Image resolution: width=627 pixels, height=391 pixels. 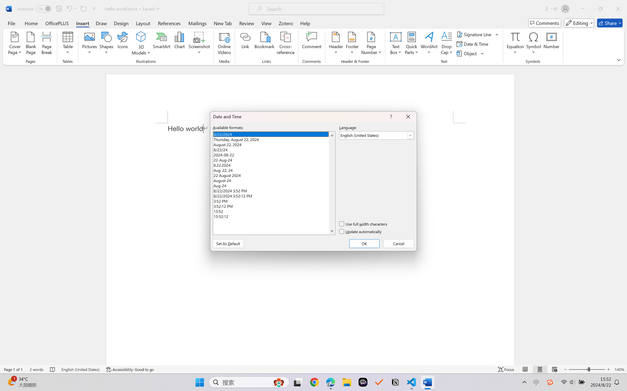 I want to click on 'Language:', so click(x=376, y=135).